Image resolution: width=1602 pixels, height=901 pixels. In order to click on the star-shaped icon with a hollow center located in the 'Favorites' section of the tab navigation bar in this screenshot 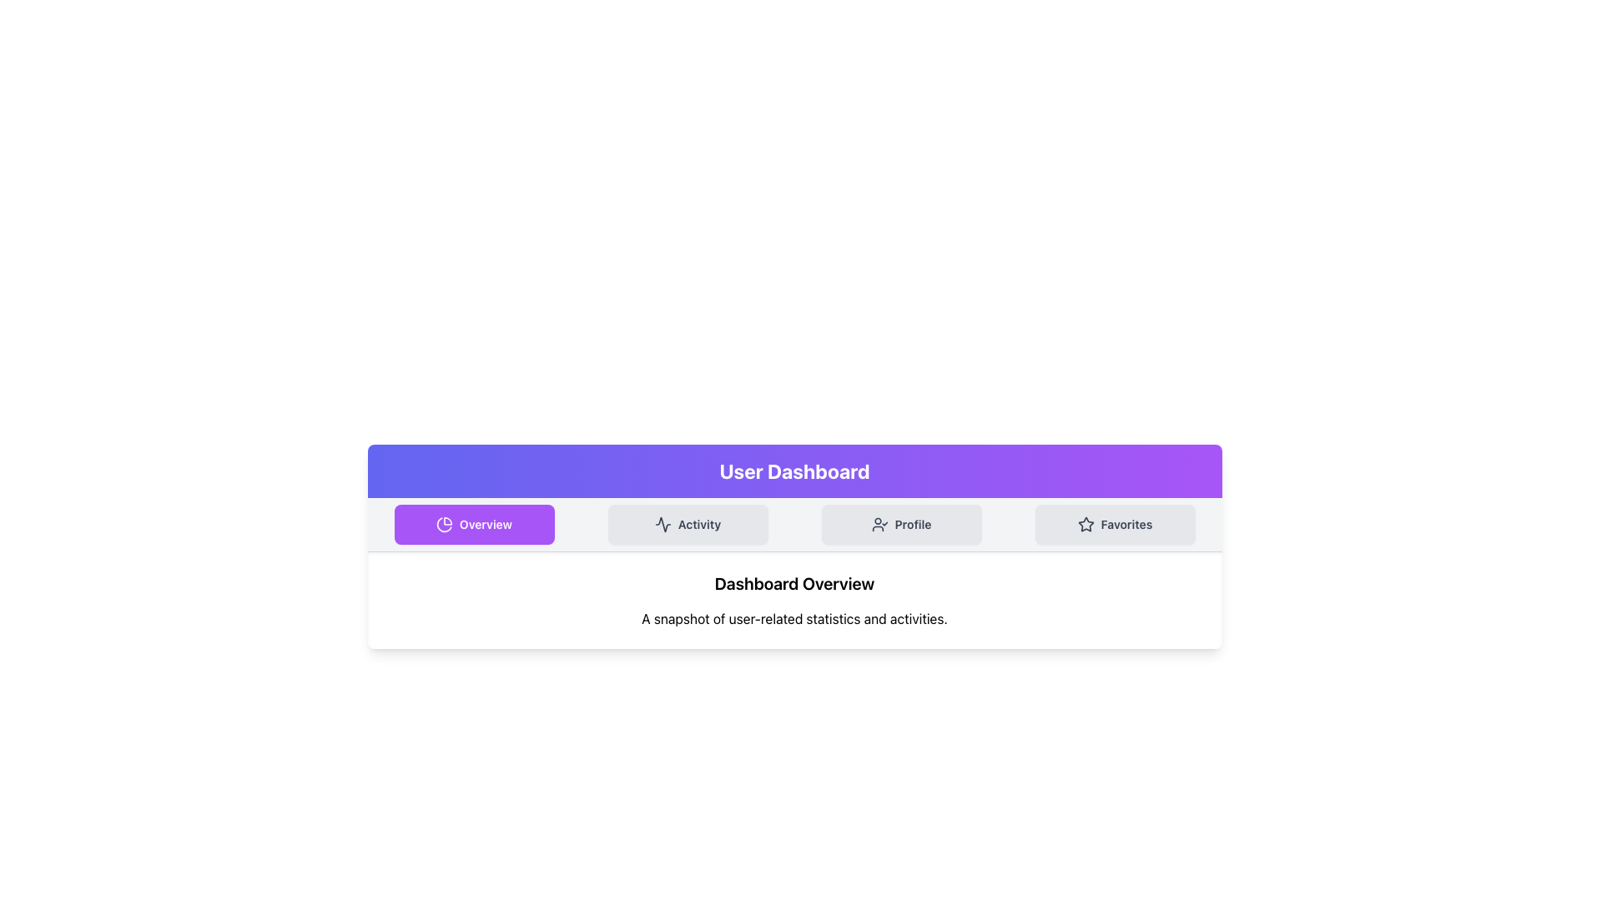, I will do `click(1086, 523)`.